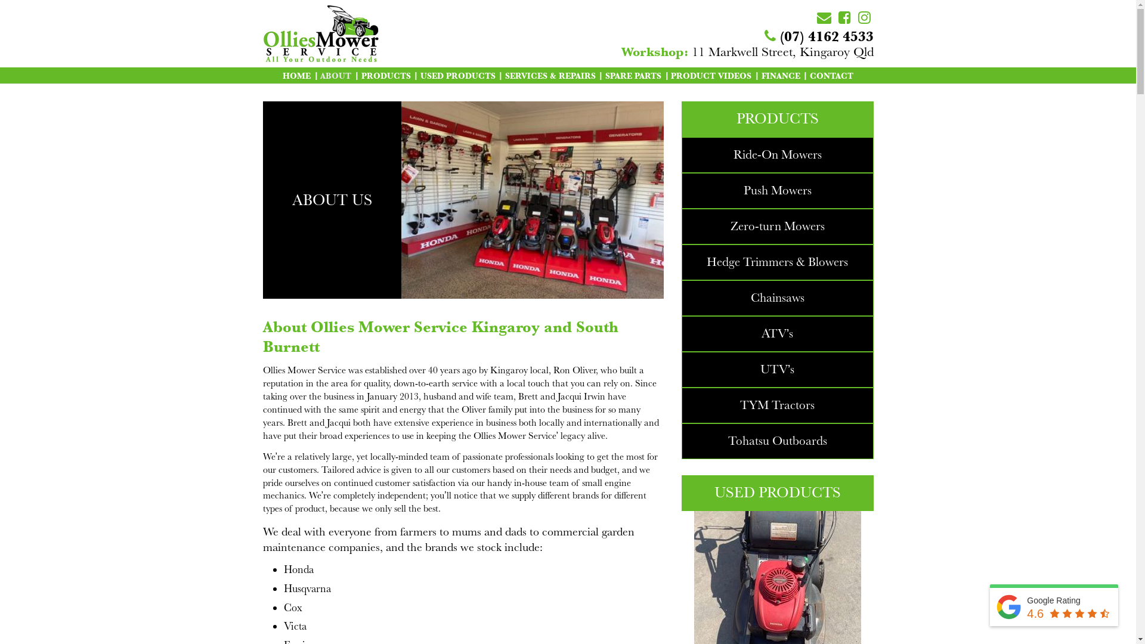  What do you see at coordinates (831, 75) in the screenshot?
I see `'CONTACT'` at bounding box center [831, 75].